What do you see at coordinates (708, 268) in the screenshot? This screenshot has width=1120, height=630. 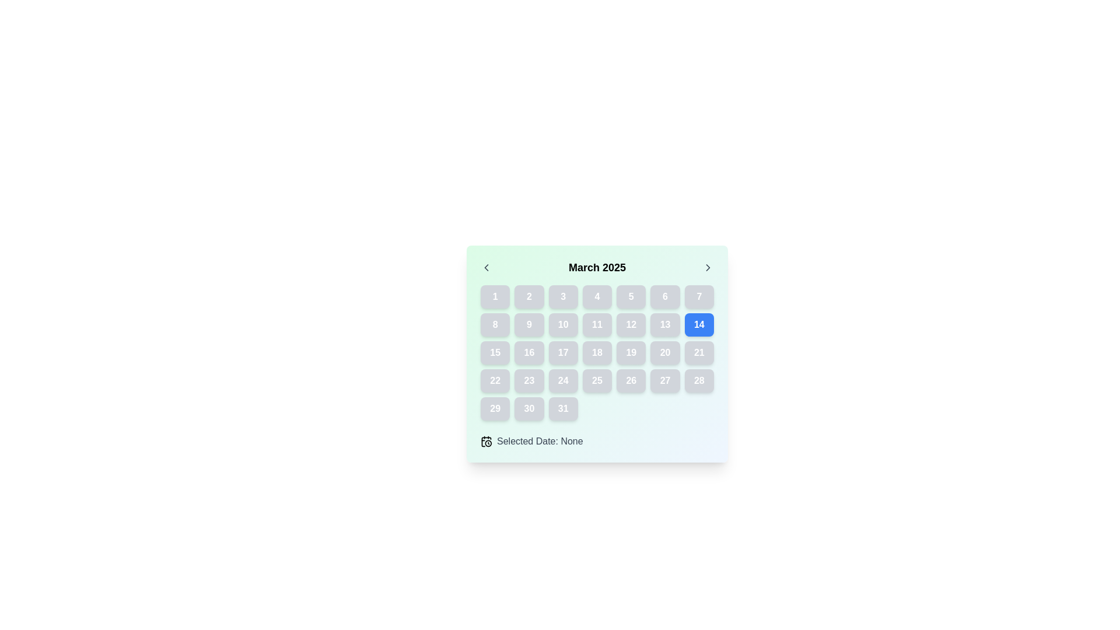 I see `the chevron icon located at the top-right corner of the calendar component, adjacent to the title 'March 2025'` at bounding box center [708, 268].